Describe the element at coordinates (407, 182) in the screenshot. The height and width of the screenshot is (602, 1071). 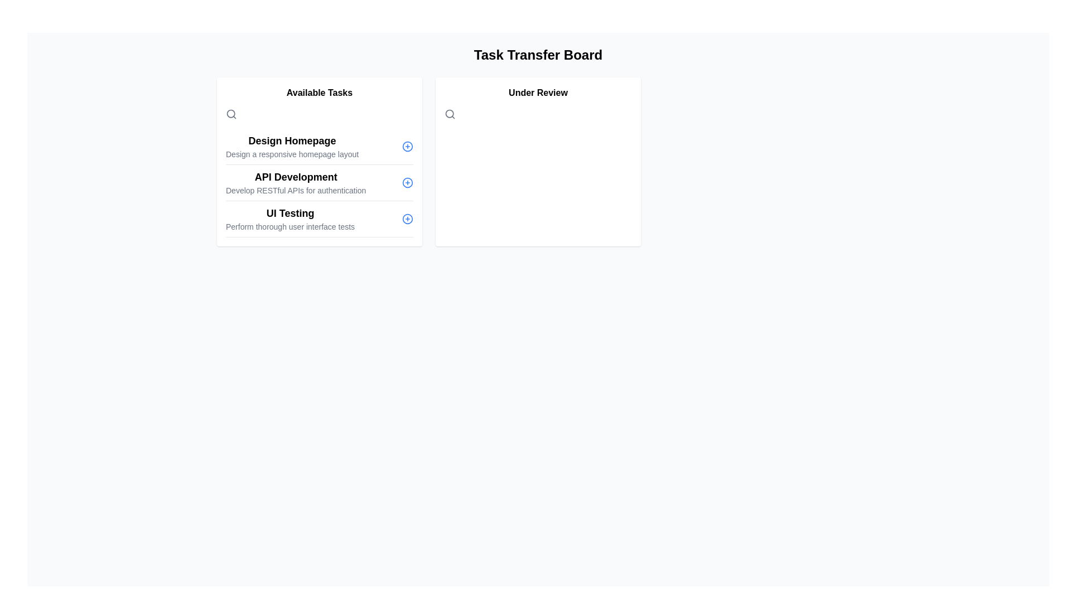
I see `the second plus icon in the 'Available Tasks' section next to the 'API Development' task item` at that location.